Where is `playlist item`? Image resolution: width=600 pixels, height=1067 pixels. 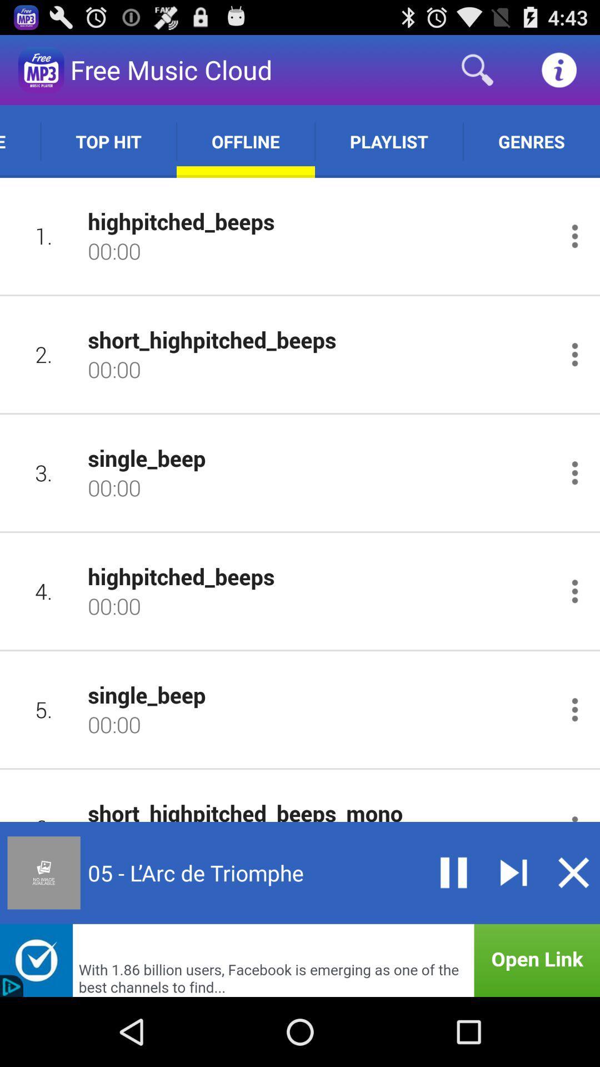
playlist item is located at coordinates (388, 141).